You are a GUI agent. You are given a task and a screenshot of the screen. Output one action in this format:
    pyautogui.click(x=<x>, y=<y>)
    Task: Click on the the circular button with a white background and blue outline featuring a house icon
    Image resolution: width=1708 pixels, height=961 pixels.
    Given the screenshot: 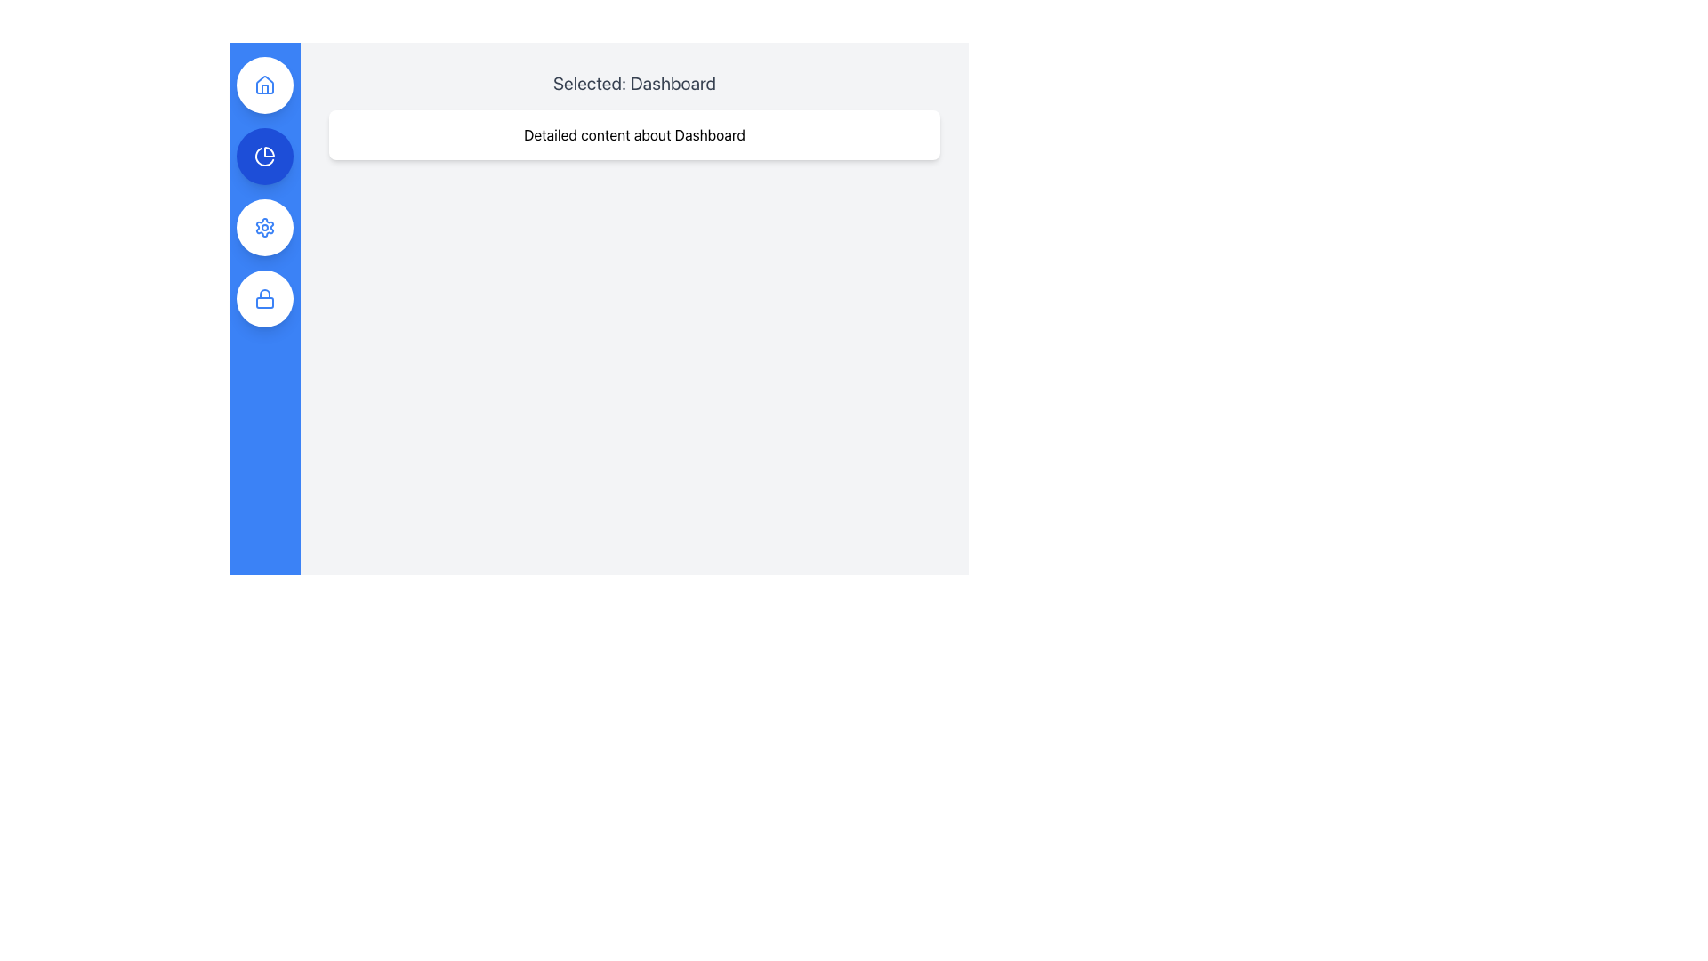 What is the action you would take?
    pyautogui.click(x=263, y=85)
    